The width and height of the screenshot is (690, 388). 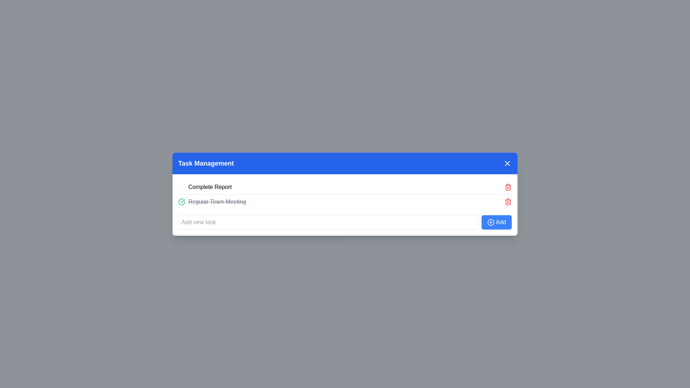 What do you see at coordinates (508, 202) in the screenshot?
I see `the delete button located at the far right of the task list item for 'Regular Team Meeting'` at bounding box center [508, 202].